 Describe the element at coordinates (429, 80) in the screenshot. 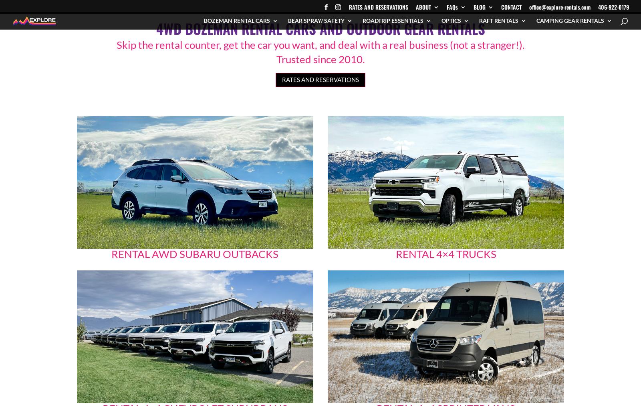

I see `'Reasons to rent from Explore'` at that location.